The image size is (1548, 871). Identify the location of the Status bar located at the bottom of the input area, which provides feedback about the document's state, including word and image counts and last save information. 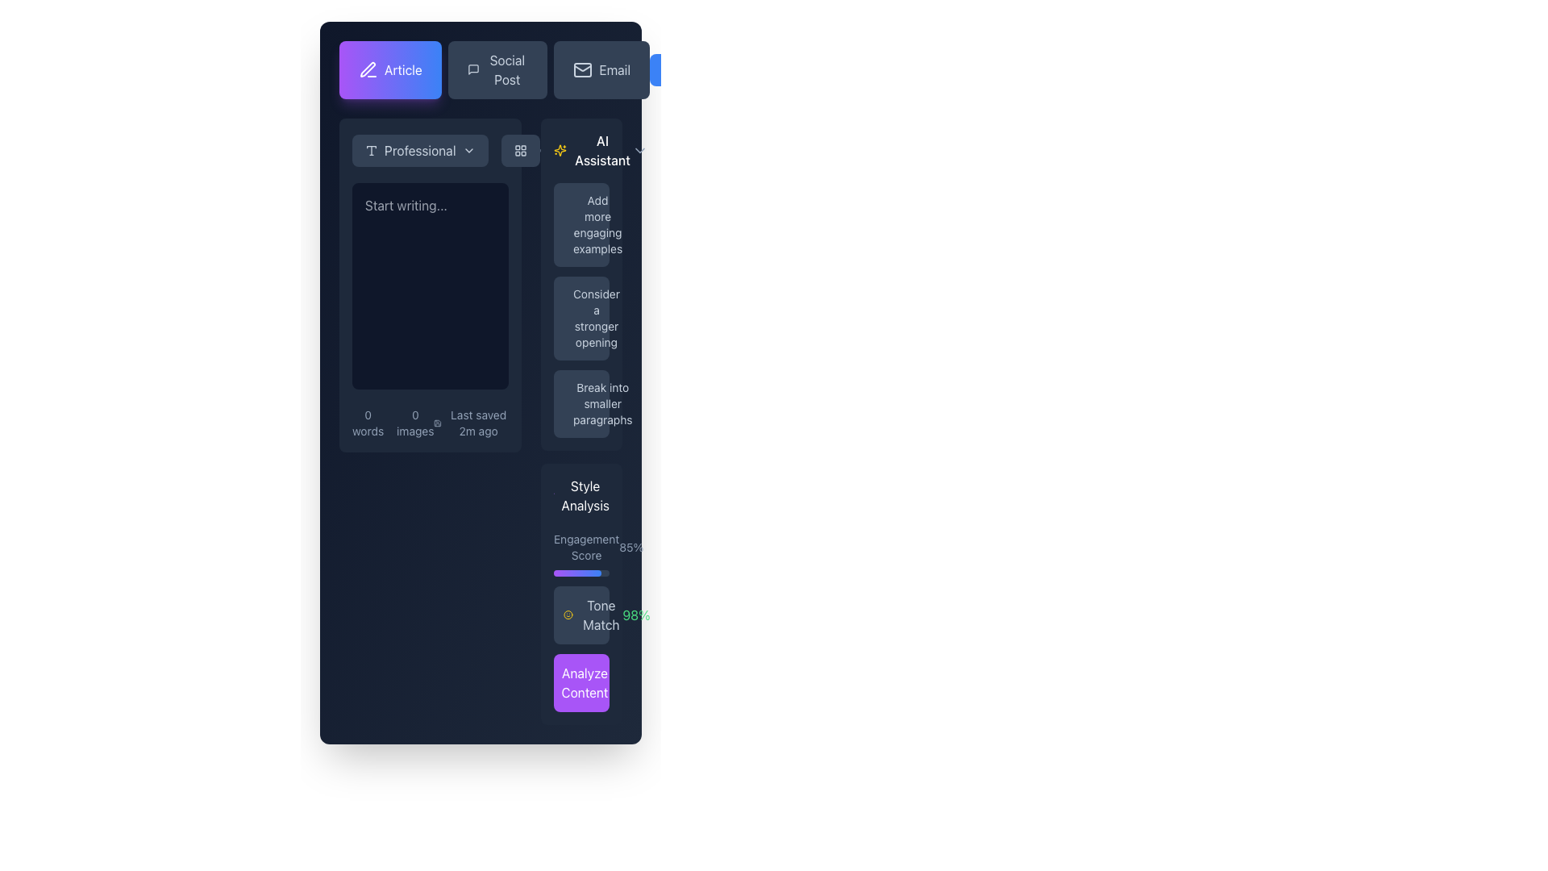
(430, 422).